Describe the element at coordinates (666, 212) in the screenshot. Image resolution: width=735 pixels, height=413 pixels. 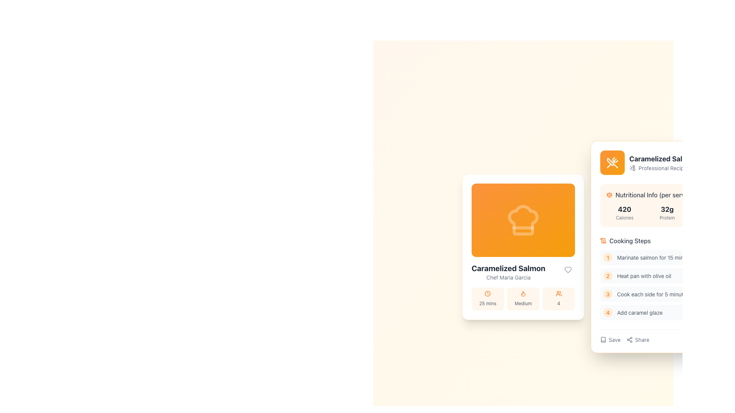
I see `the text block that communicates the protein content in a serving, which is located in the middle of three columns under 'Nutritional Info'` at that location.